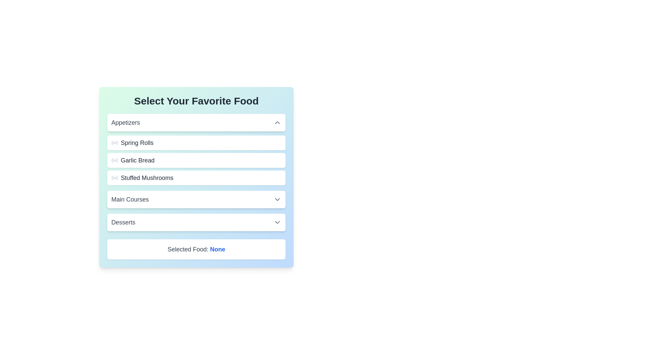 Image resolution: width=648 pixels, height=364 pixels. What do you see at coordinates (196, 122) in the screenshot?
I see `the Dropdown toggle button labeled 'Appetizers' to enable keyboard interaction` at bounding box center [196, 122].